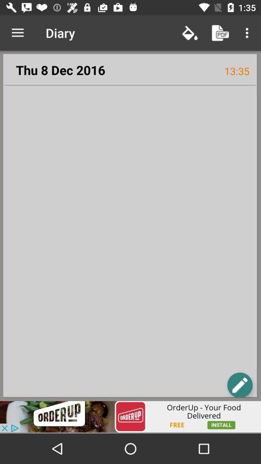 The image size is (261, 464). I want to click on open an advertisement, so click(130, 416).